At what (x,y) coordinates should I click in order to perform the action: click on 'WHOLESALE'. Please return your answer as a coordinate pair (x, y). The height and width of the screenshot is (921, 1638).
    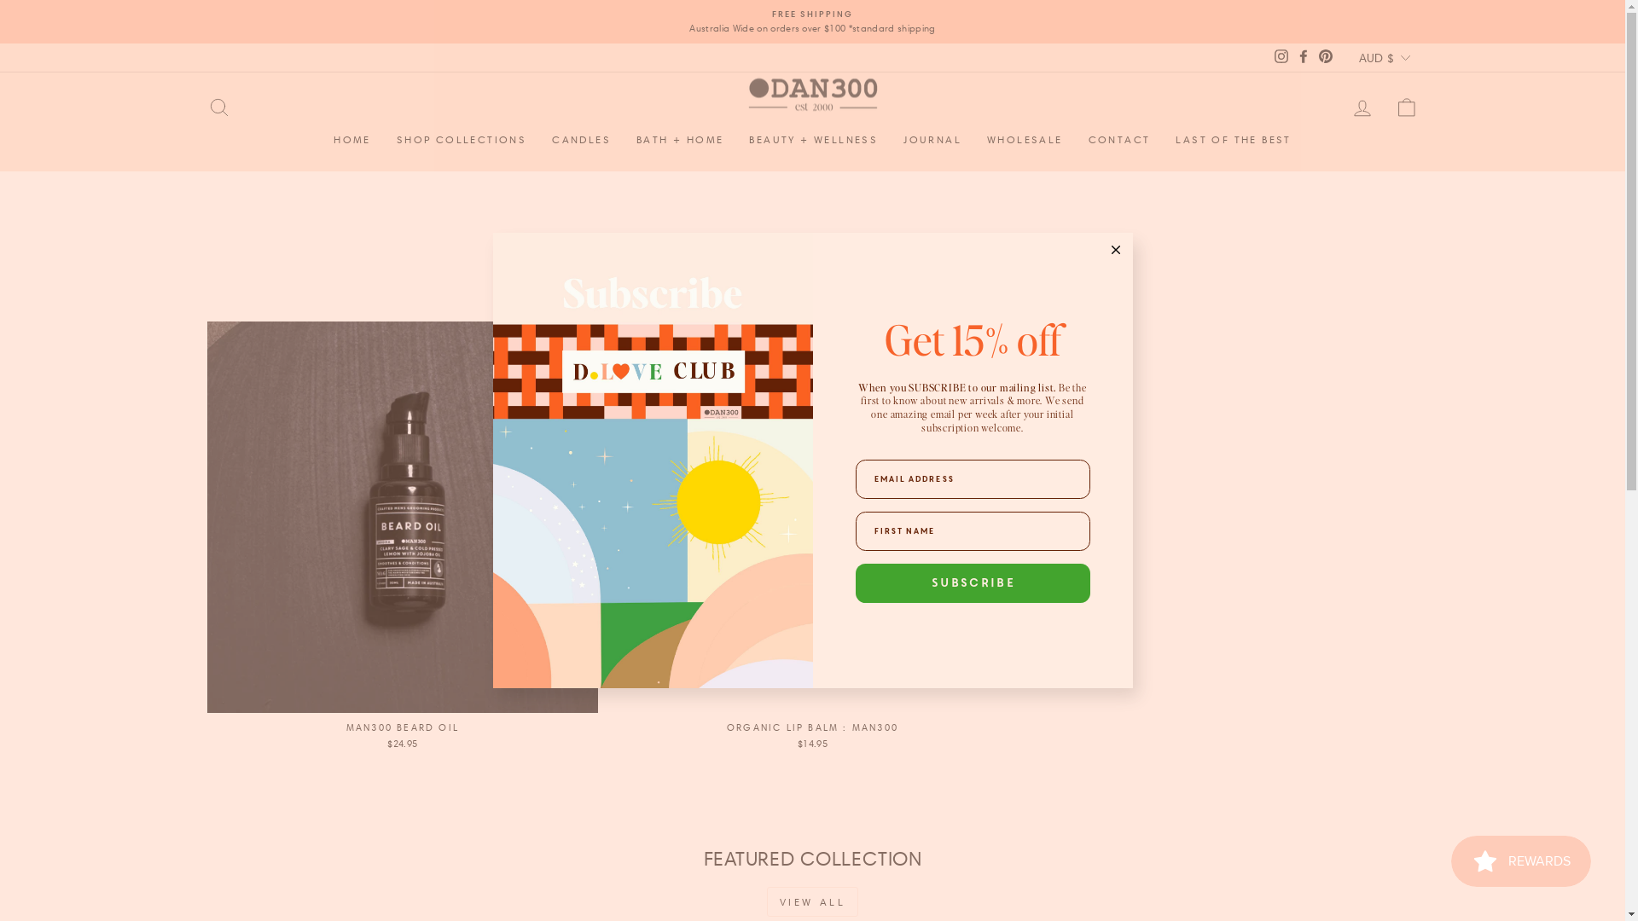
    Looking at the image, I should click on (1024, 139).